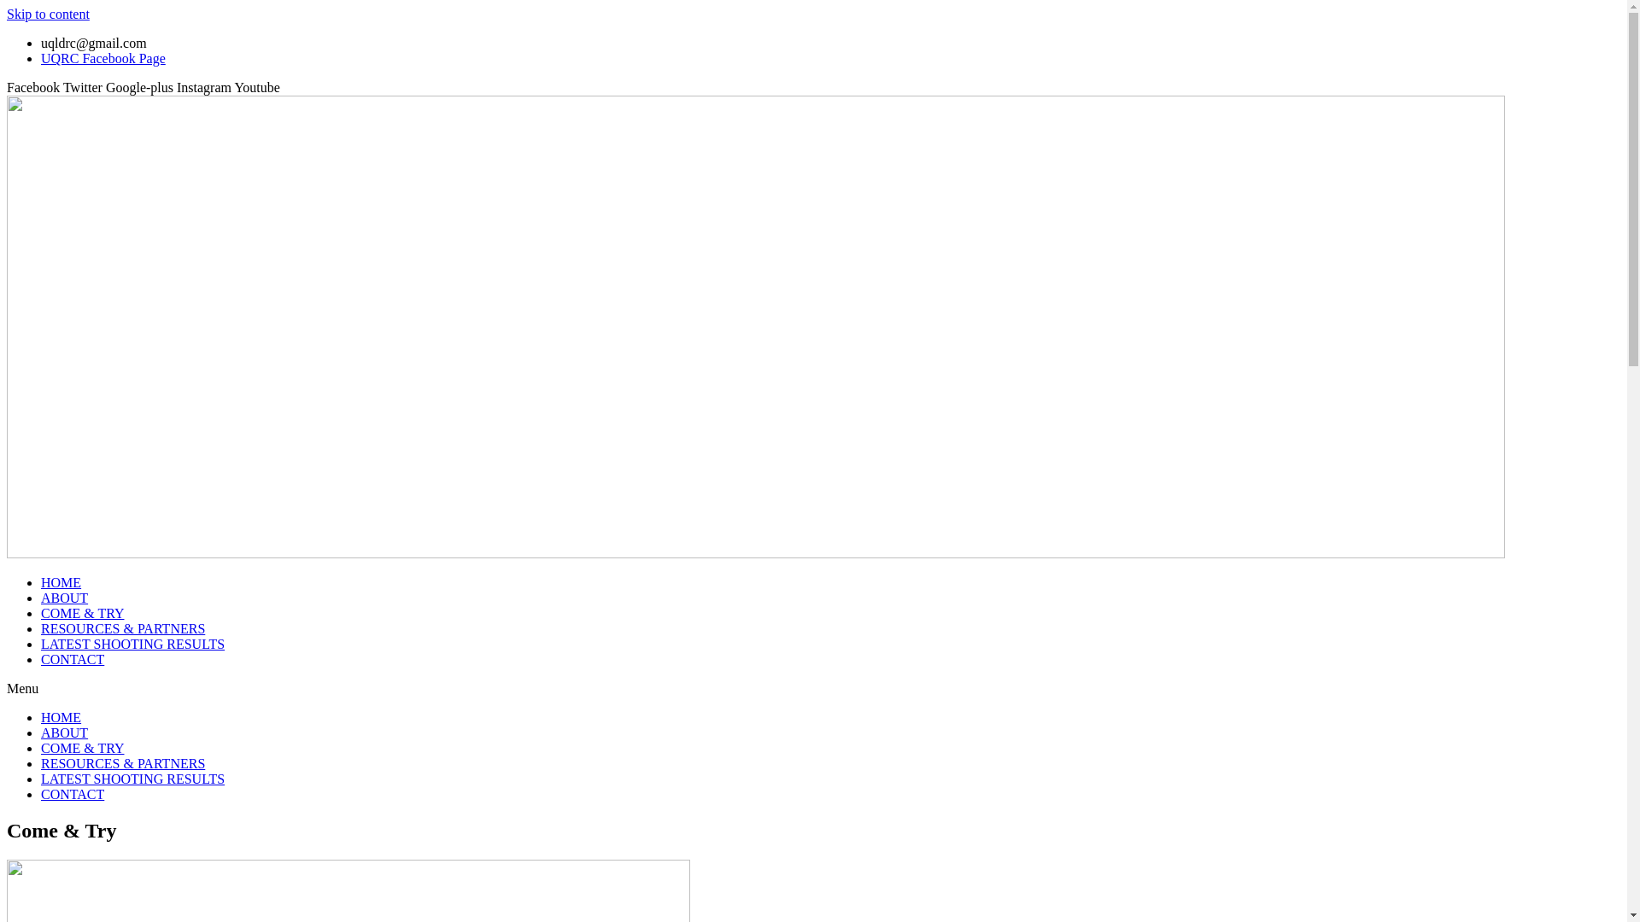  Describe the element at coordinates (35, 87) in the screenshot. I see `'Facebook'` at that location.